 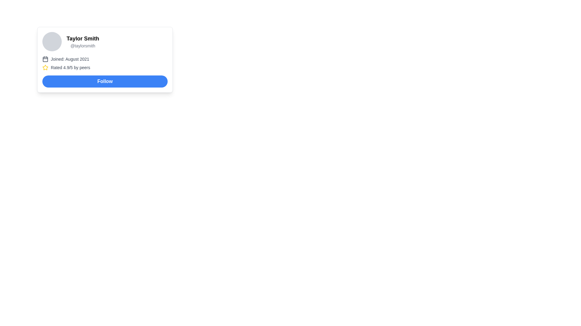 What do you see at coordinates (45, 67) in the screenshot?
I see `the star icon with a yellow color scheme located to the left of the text 'Rated 4.9/5 by peers' in the bottom-left section of the user information card` at bounding box center [45, 67].